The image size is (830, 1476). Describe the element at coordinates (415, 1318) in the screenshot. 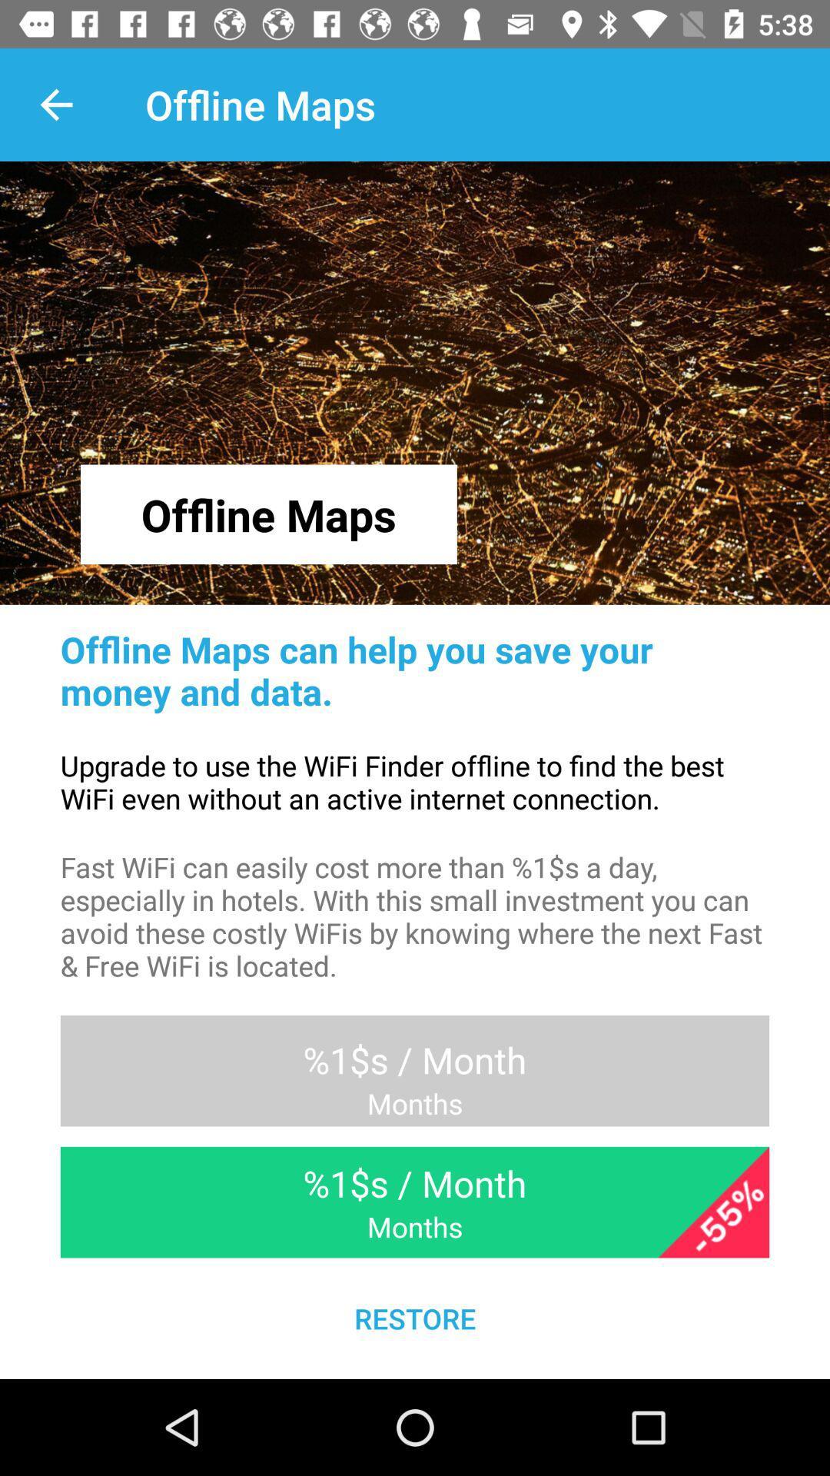

I see `the restore item` at that location.